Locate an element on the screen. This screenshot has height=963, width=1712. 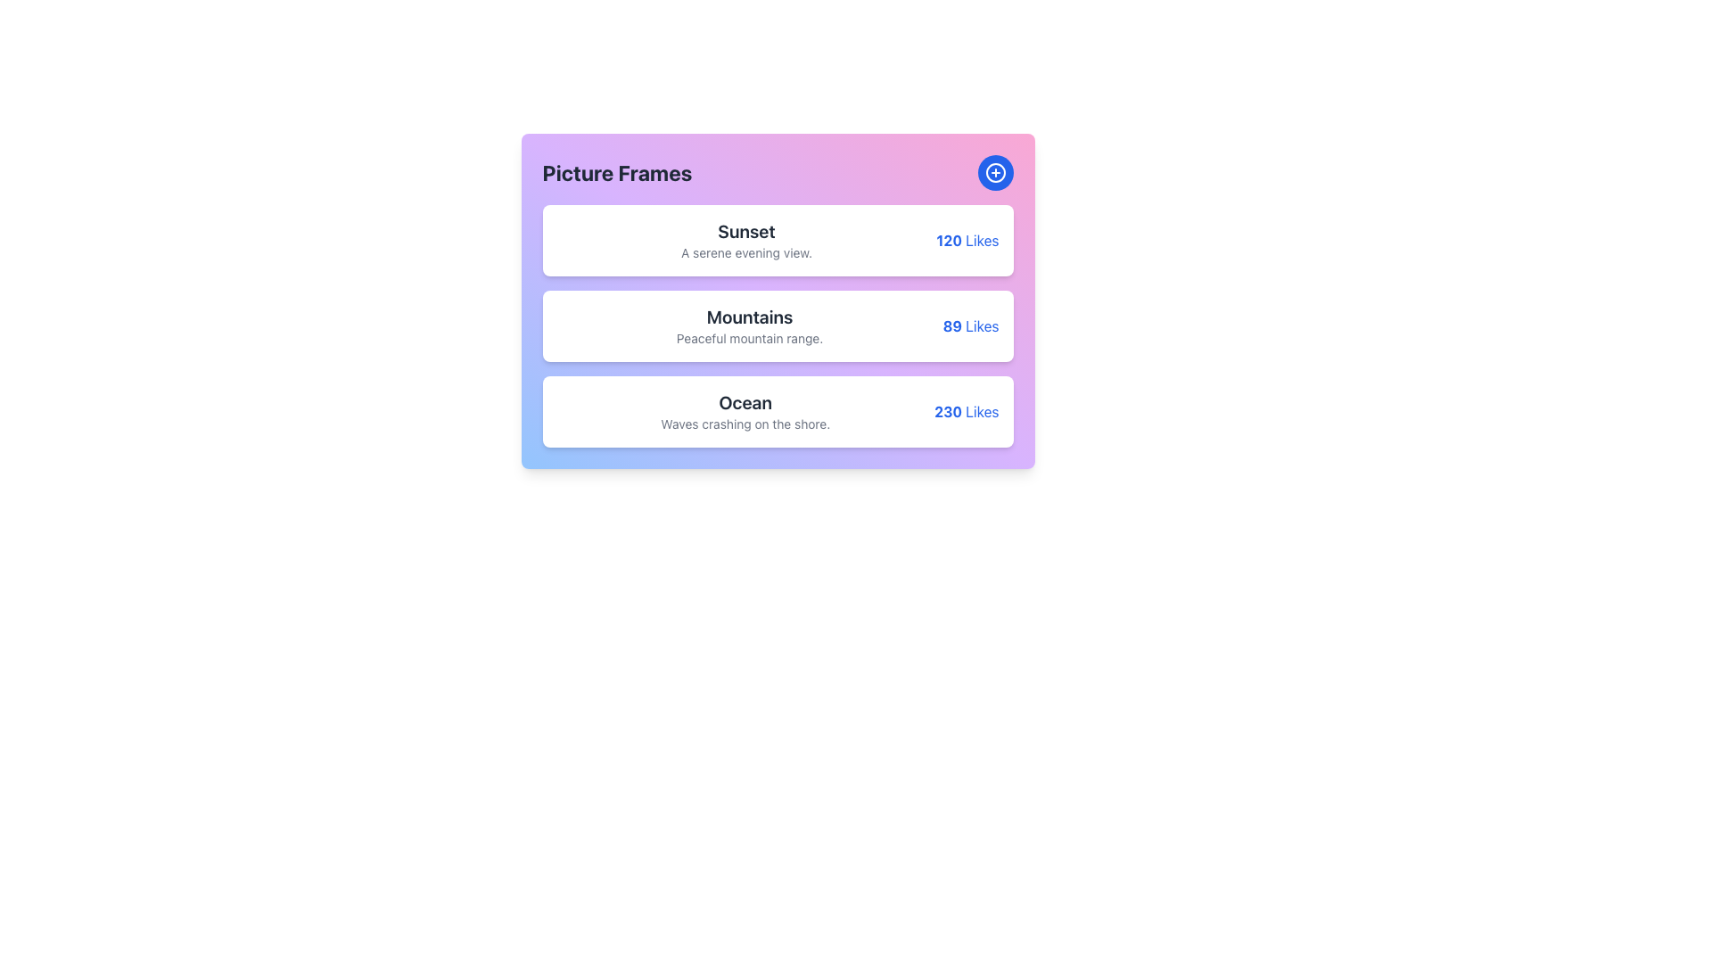
the interactive button in the top-right corner of the 'Picture Frames' section is located at coordinates (994, 172).